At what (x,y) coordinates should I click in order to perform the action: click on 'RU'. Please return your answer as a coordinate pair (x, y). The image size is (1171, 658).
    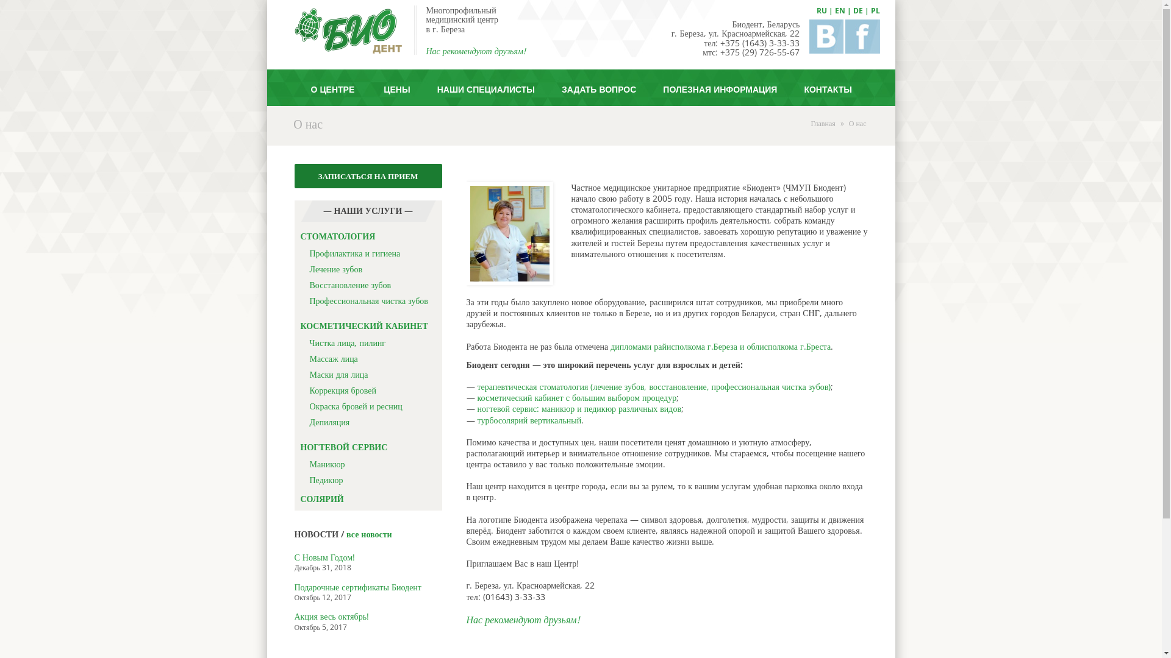
    Looking at the image, I should click on (821, 10).